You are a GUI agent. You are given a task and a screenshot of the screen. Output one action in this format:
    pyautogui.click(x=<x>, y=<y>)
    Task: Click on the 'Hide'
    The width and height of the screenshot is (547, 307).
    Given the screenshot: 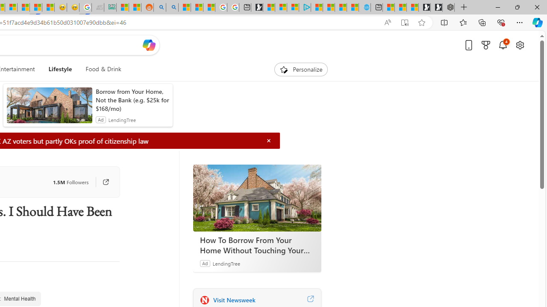 What is the action you would take?
    pyautogui.click(x=268, y=140)
    